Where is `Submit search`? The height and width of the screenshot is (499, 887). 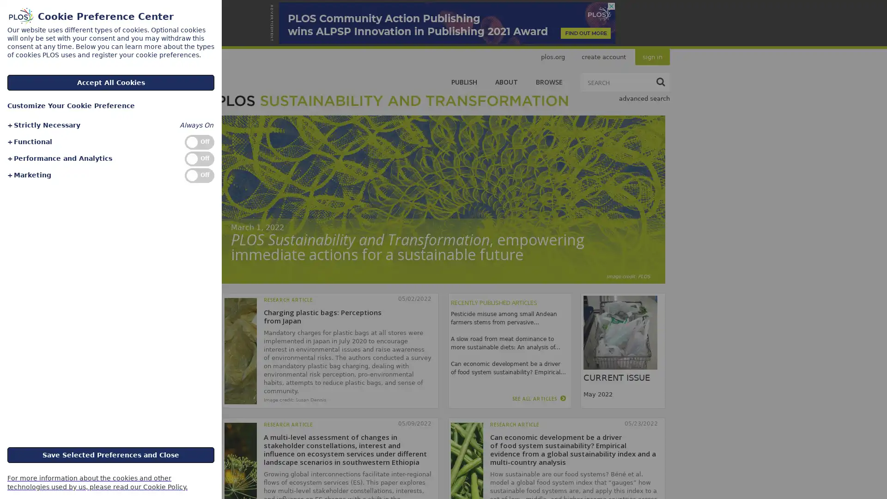
Submit search is located at coordinates (660, 81).